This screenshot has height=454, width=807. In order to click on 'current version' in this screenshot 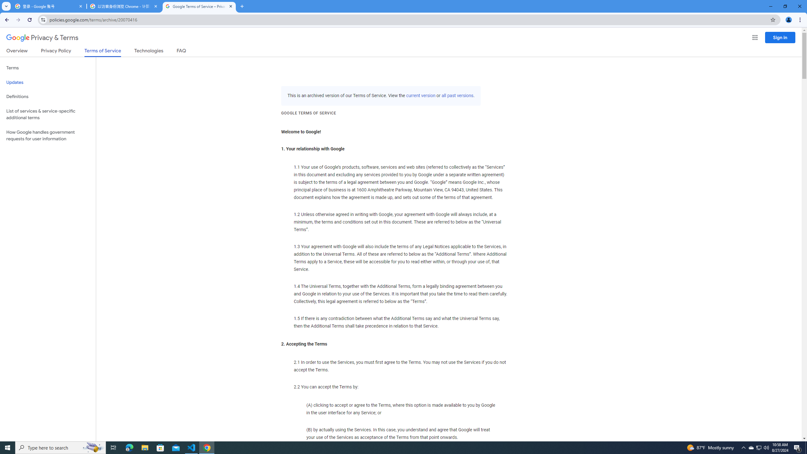, I will do `click(421, 95)`.